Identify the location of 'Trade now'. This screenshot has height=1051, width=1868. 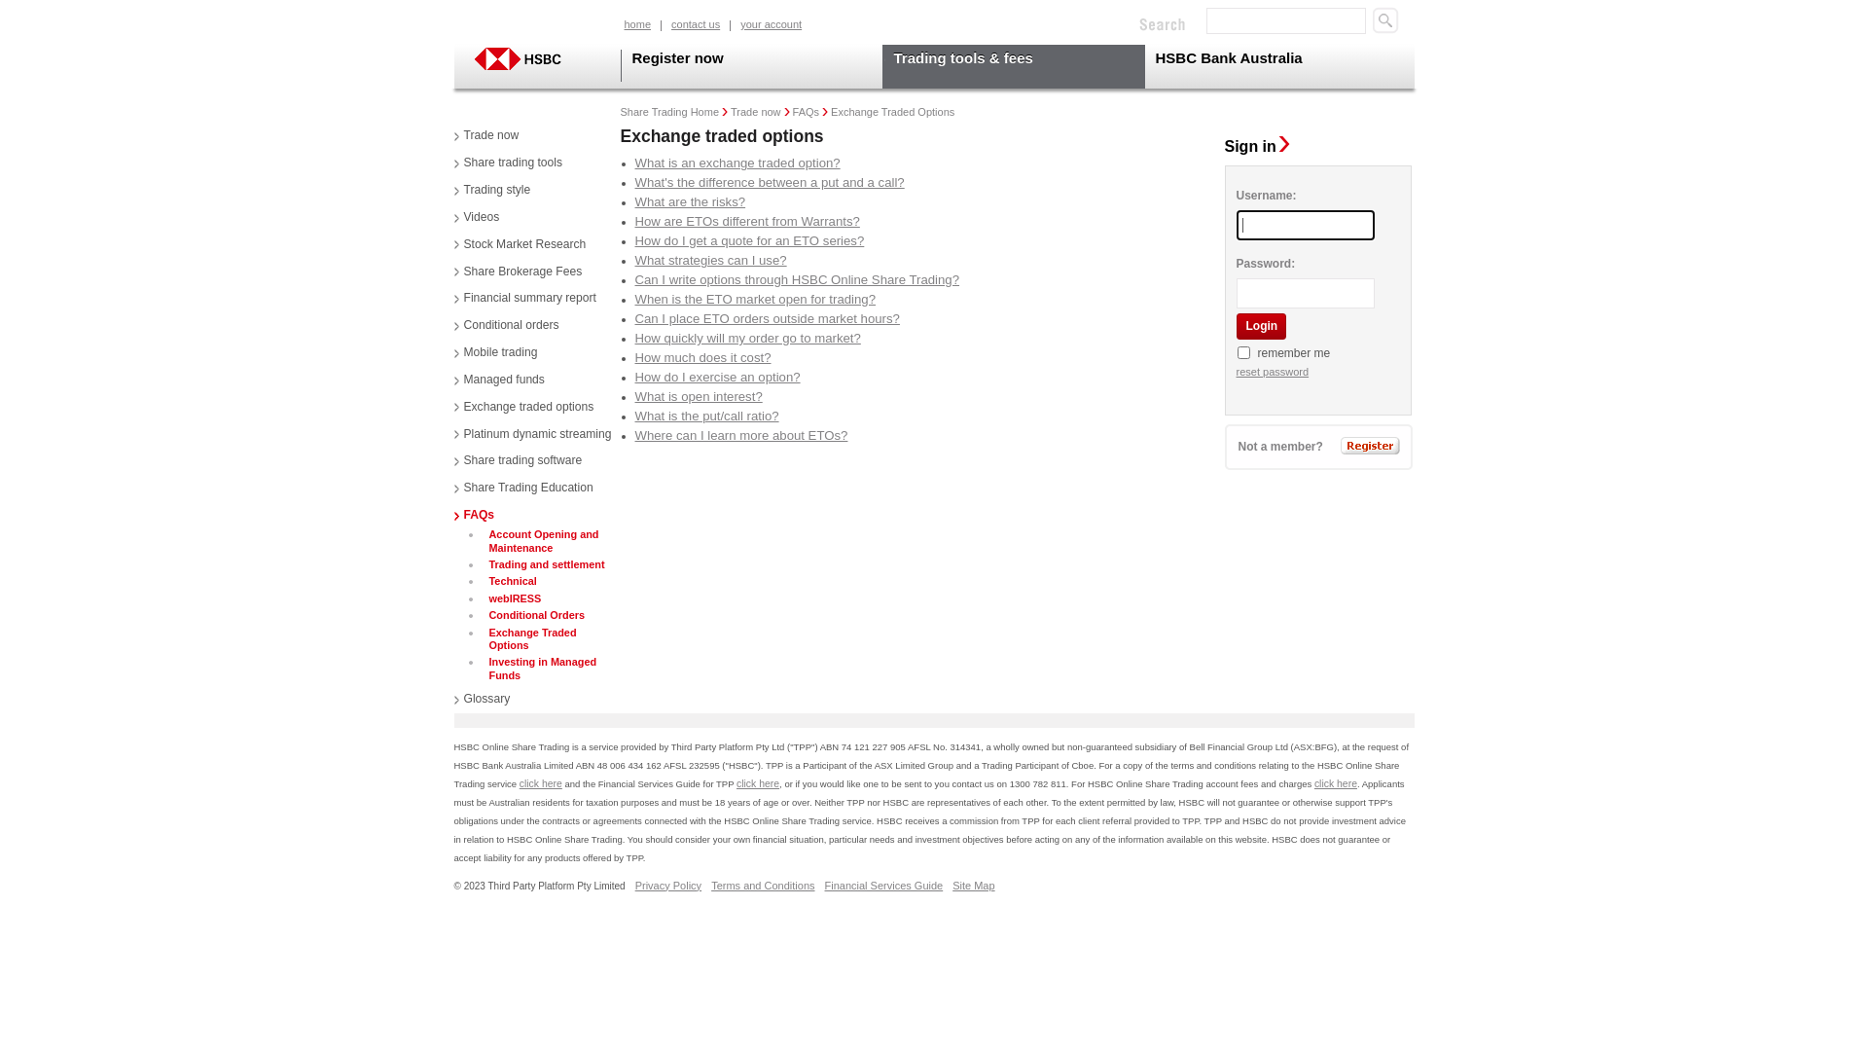
(729, 112).